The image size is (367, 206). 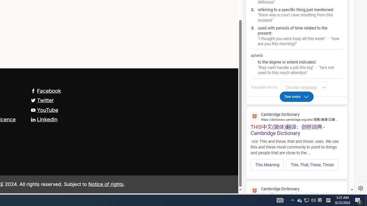 What do you see at coordinates (254, 191) in the screenshot?
I see `'Global web icon'` at bounding box center [254, 191].